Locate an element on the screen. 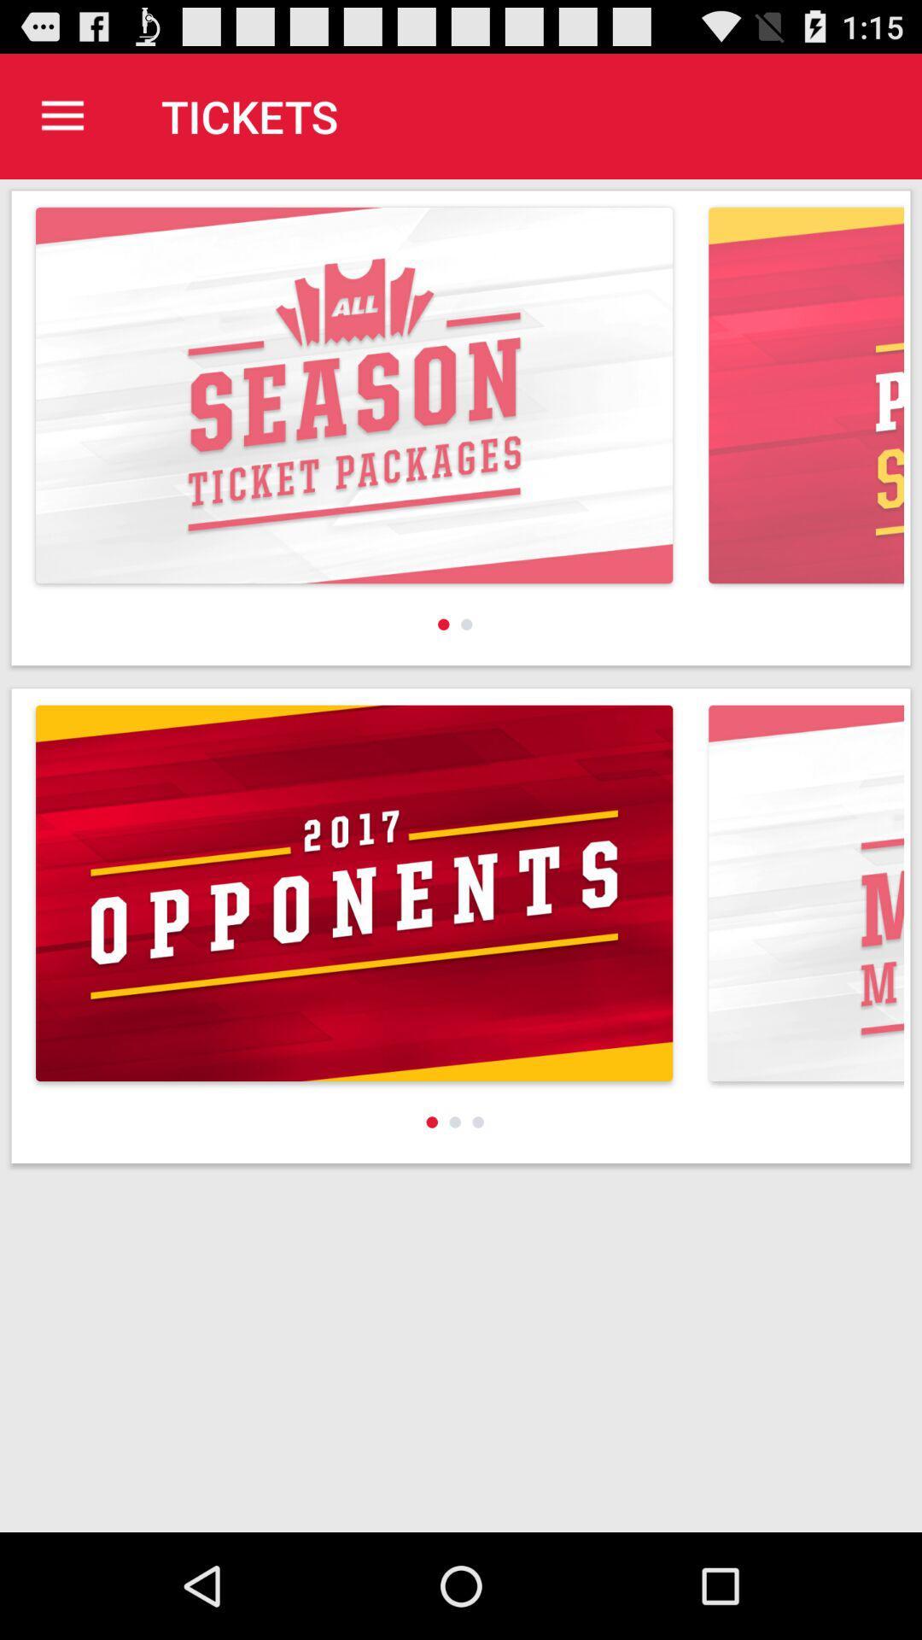 The height and width of the screenshot is (1640, 922). the second image in the page is located at coordinates (461, 925).